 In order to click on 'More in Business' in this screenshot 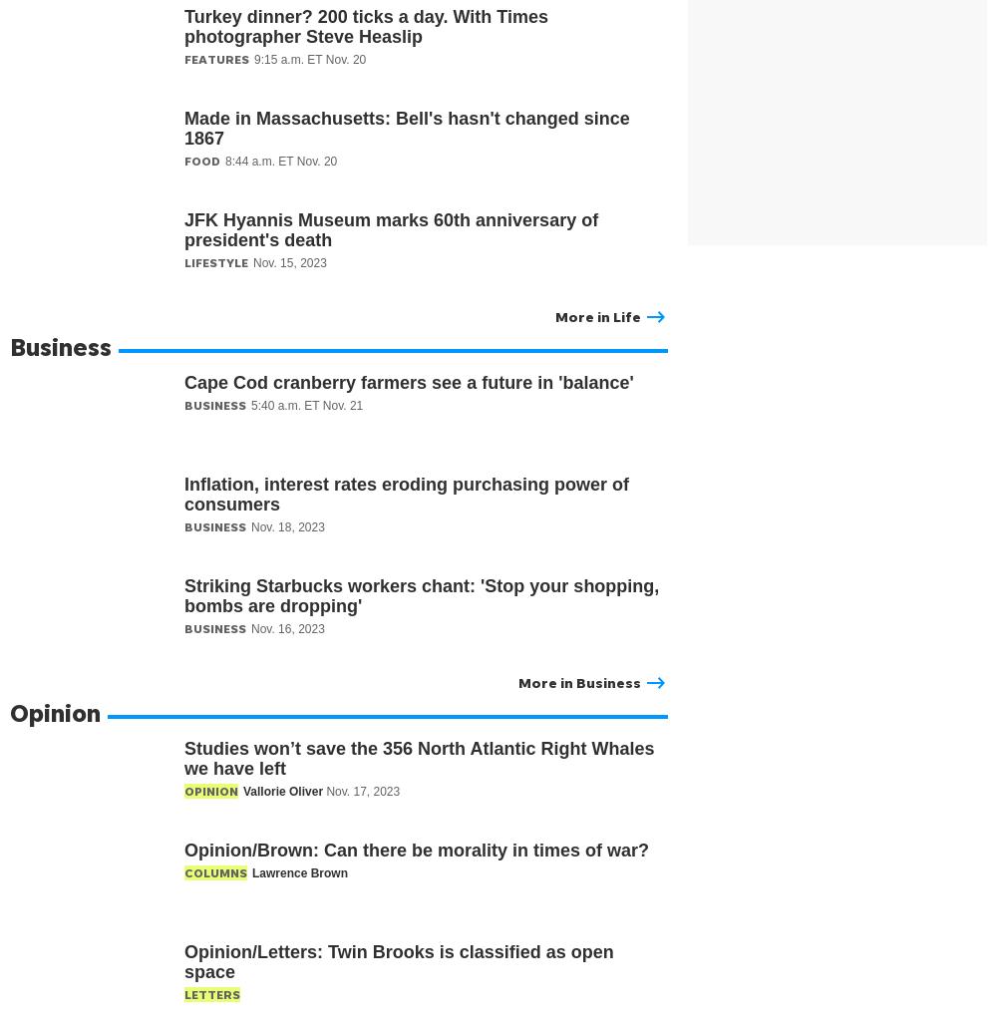, I will do `click(578, 681)`.